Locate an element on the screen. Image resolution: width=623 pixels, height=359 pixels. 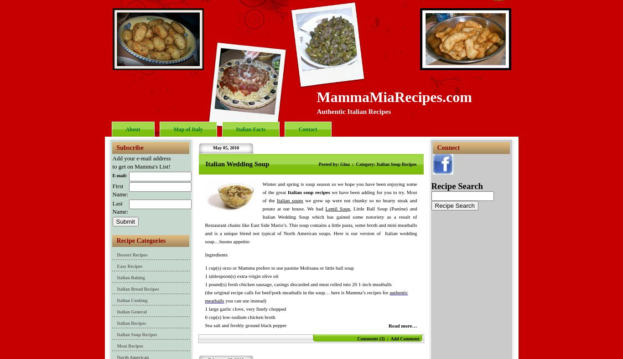
'About' is located at coordinates (132, 128).